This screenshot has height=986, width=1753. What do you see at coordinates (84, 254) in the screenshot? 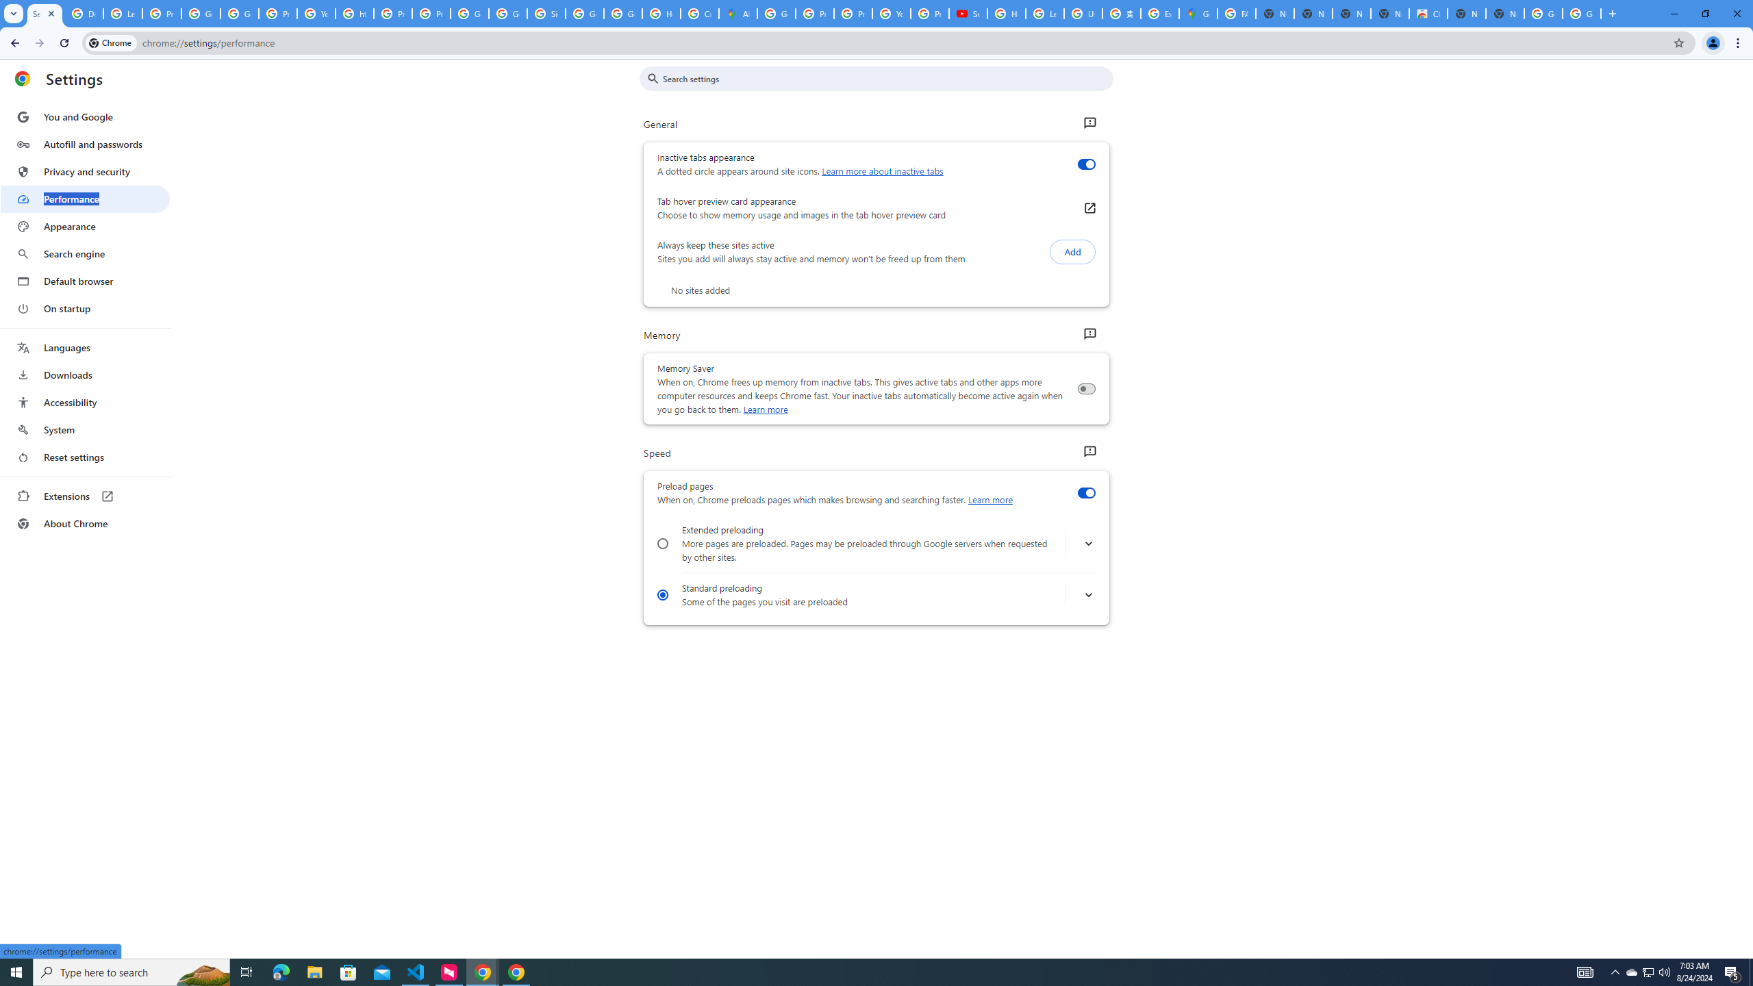
I see `'Search engine'` at bounding box center [84, 254].